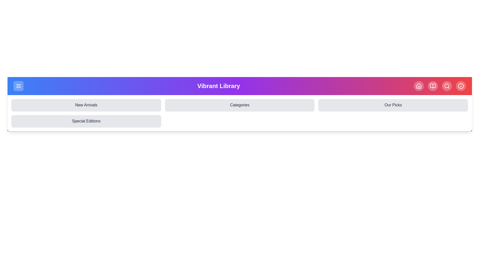  What do you see at coordinates (219, 86) in the screenshot?
I see `the title text 'Vibrant Library' to select it for copying` at bounding box center [219, 86].